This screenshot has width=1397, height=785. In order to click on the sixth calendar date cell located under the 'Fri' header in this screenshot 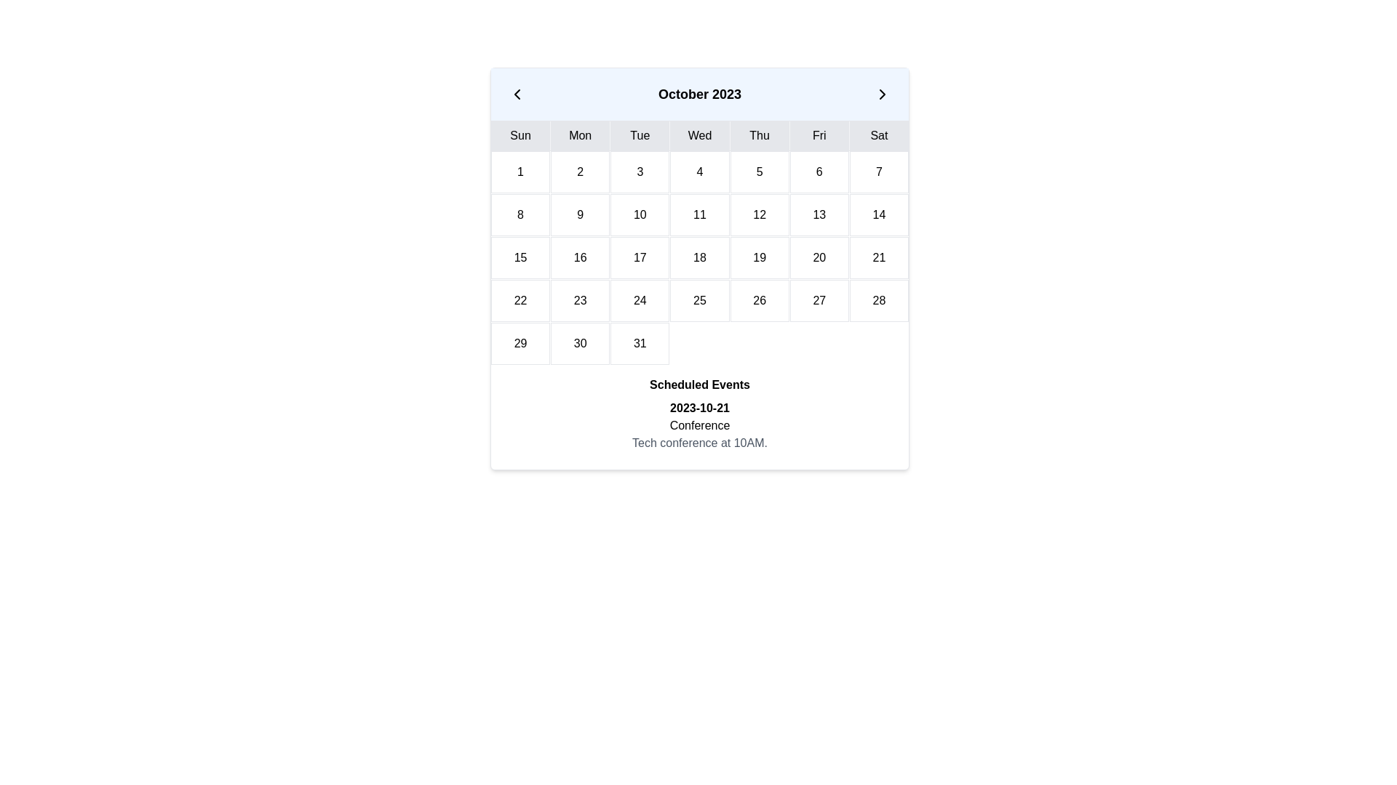, I will do `click(819, 171)`.